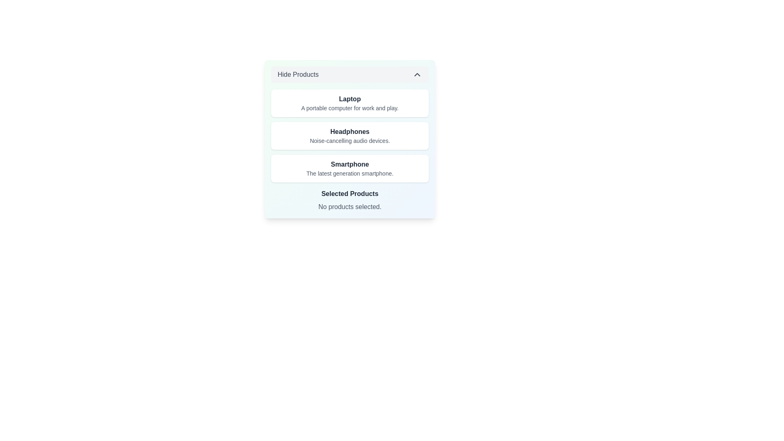 This screenshot has width=784, height=441. Describe the element at coordinates (350, 131) in the screenshot. I see `bold text label 'Headphones' that is styled in medium font size and dark gray color, positioned above the description 'Noise-cancelling audio devices.'` at that location.